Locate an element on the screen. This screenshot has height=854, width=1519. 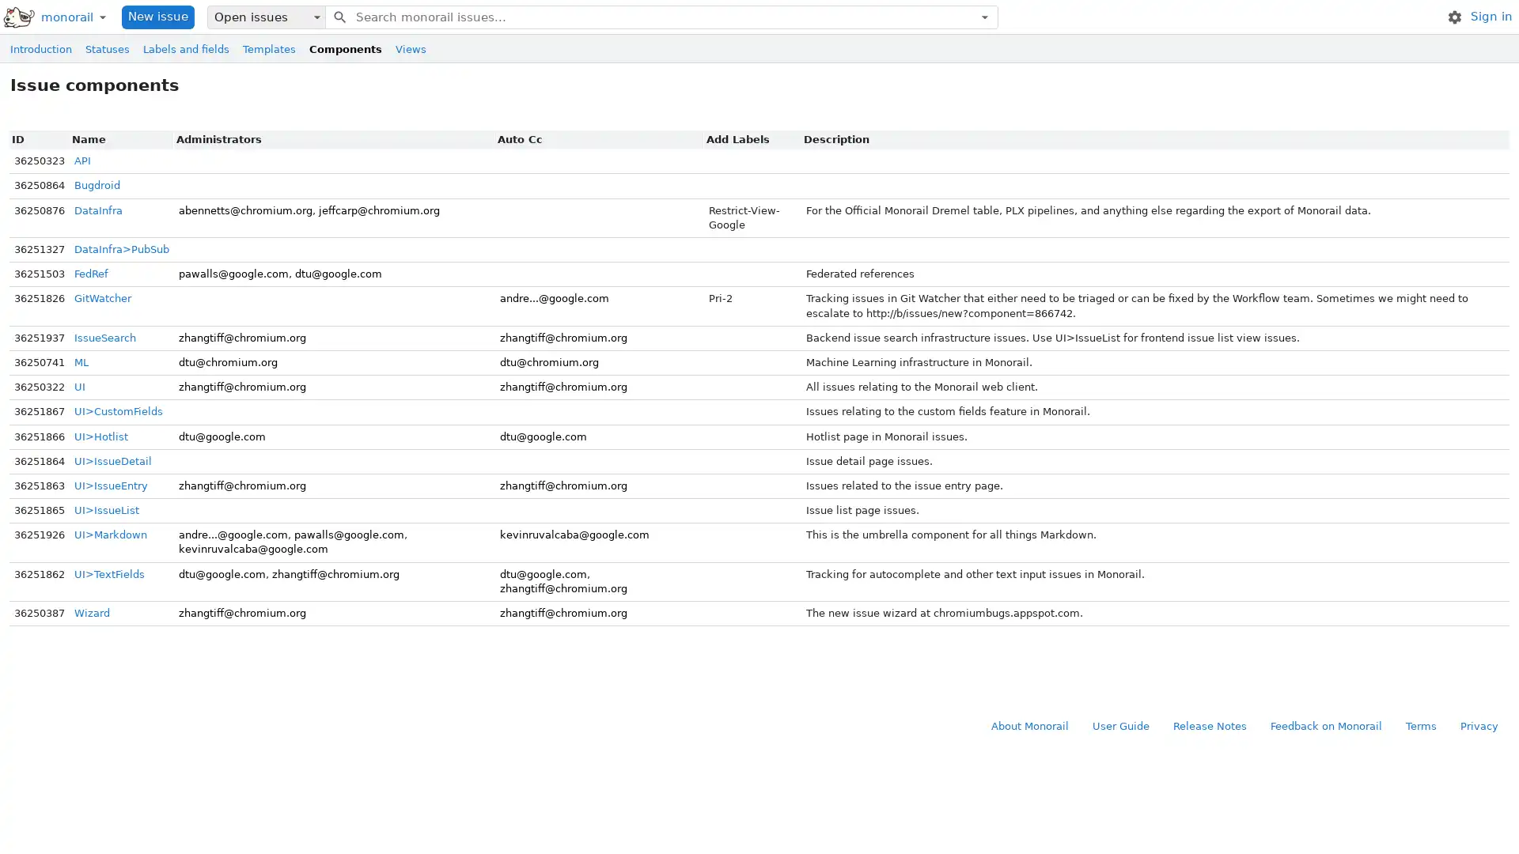
Search options is located at coordinates (983, 16).